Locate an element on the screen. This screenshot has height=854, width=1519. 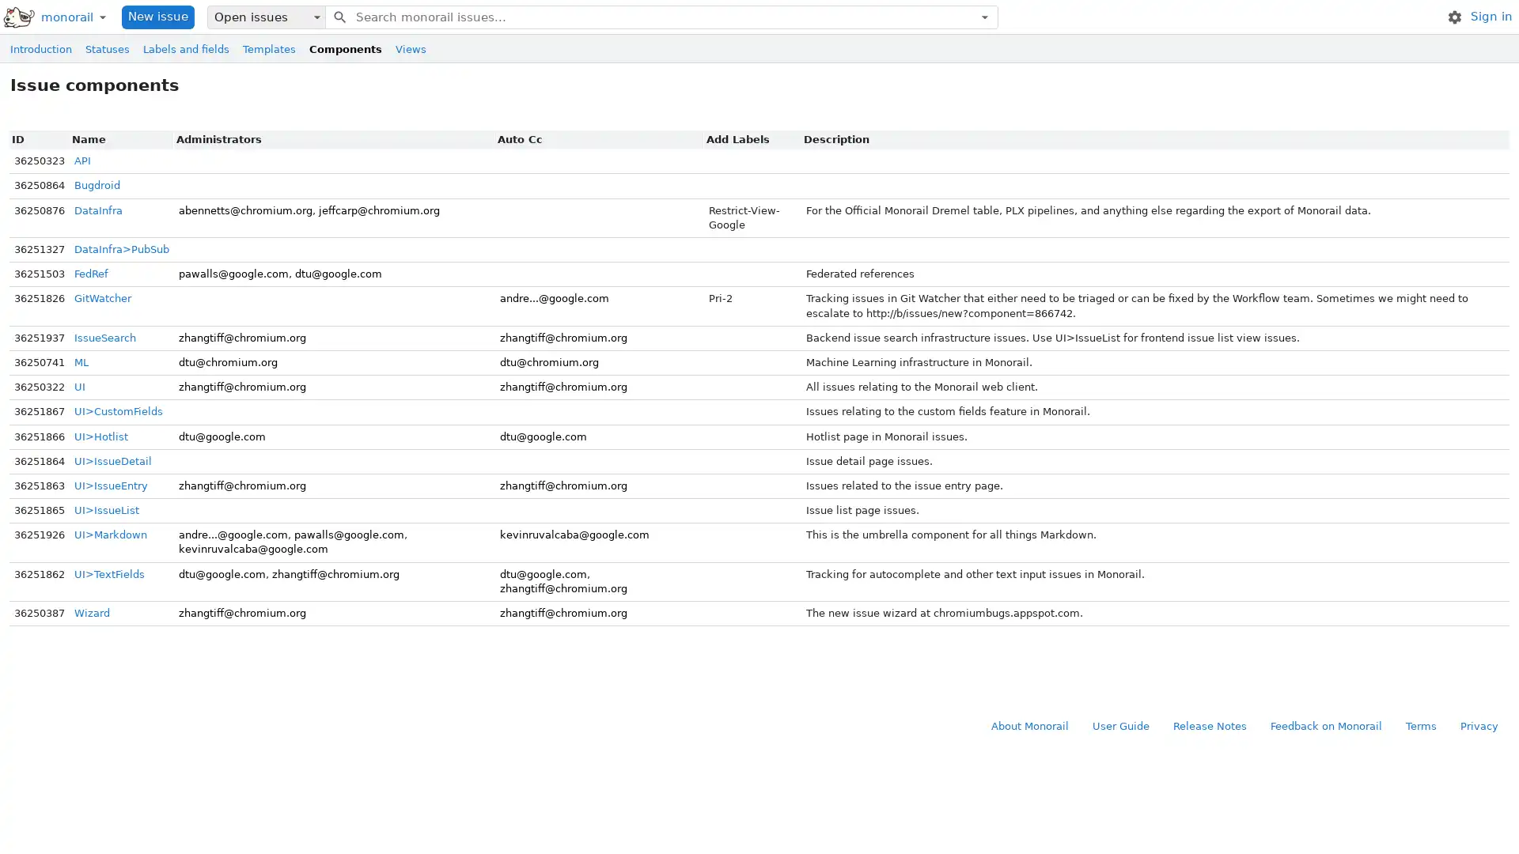
Search options is located at coordinates (983, 16).